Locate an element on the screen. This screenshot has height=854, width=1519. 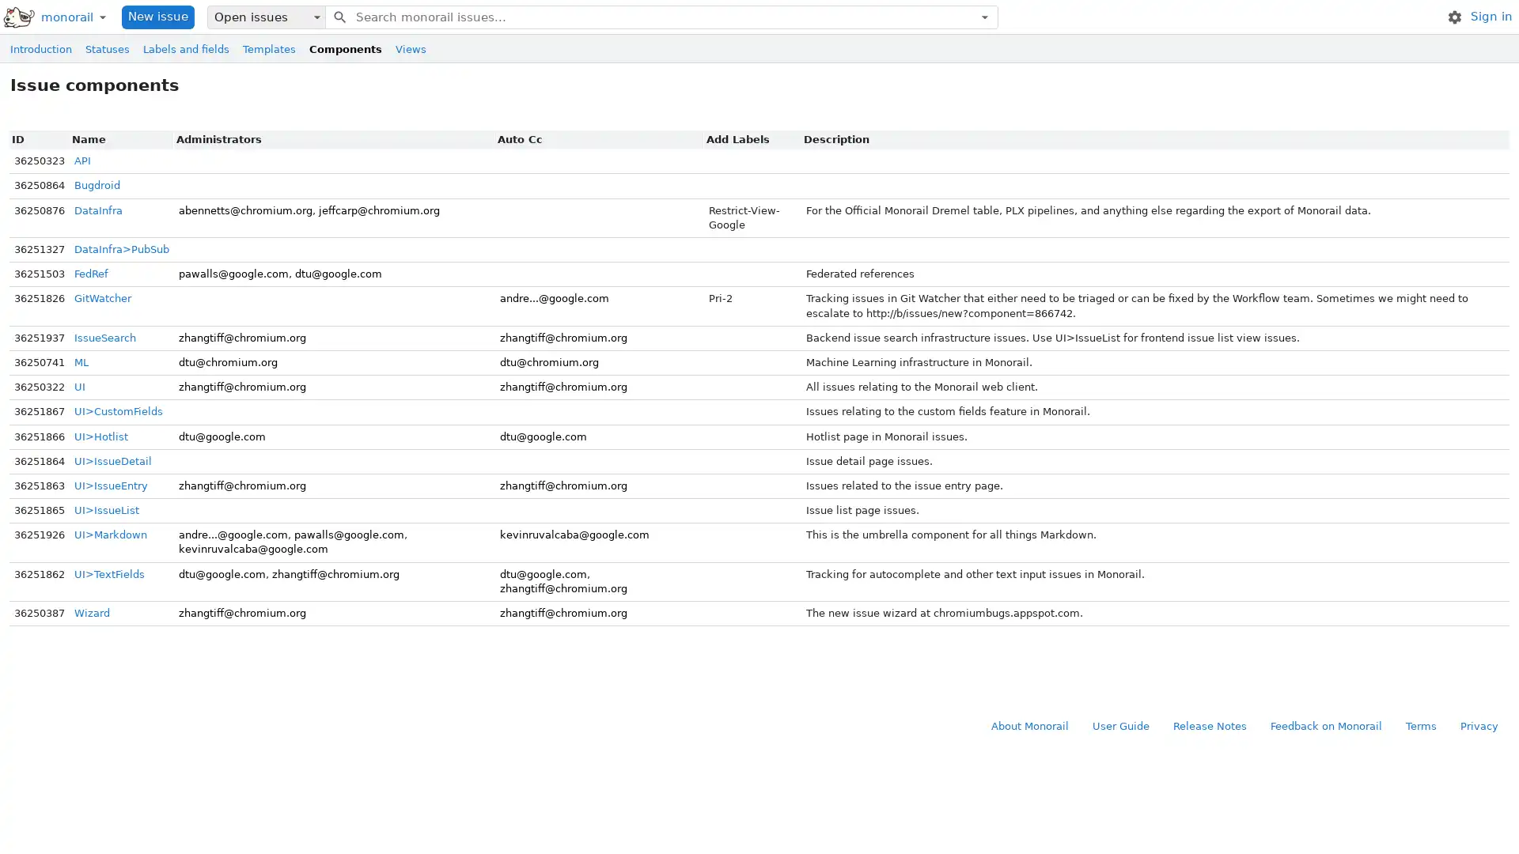
Search options is located at coordinates (983, 16).